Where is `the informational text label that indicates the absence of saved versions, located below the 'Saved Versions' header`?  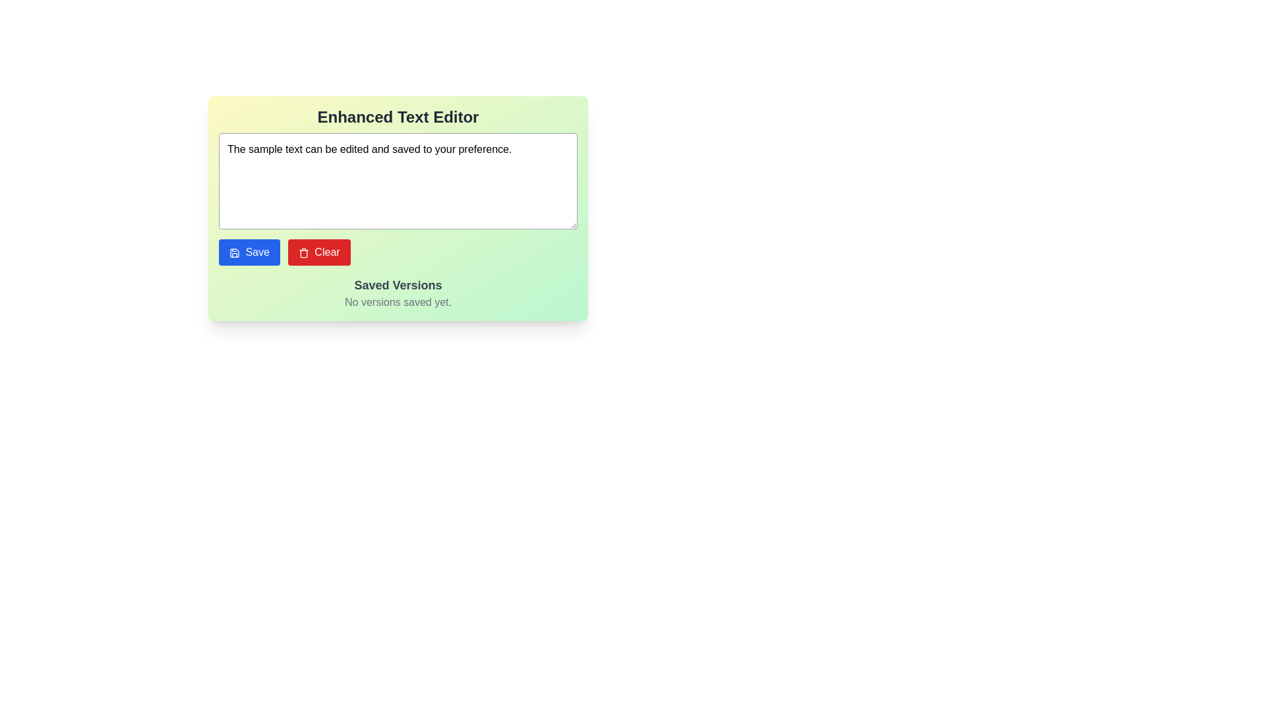
the informational text label that indicates the absence of saved versions, located below the 'Saved Versions' header is located at coordinates (398, 303).